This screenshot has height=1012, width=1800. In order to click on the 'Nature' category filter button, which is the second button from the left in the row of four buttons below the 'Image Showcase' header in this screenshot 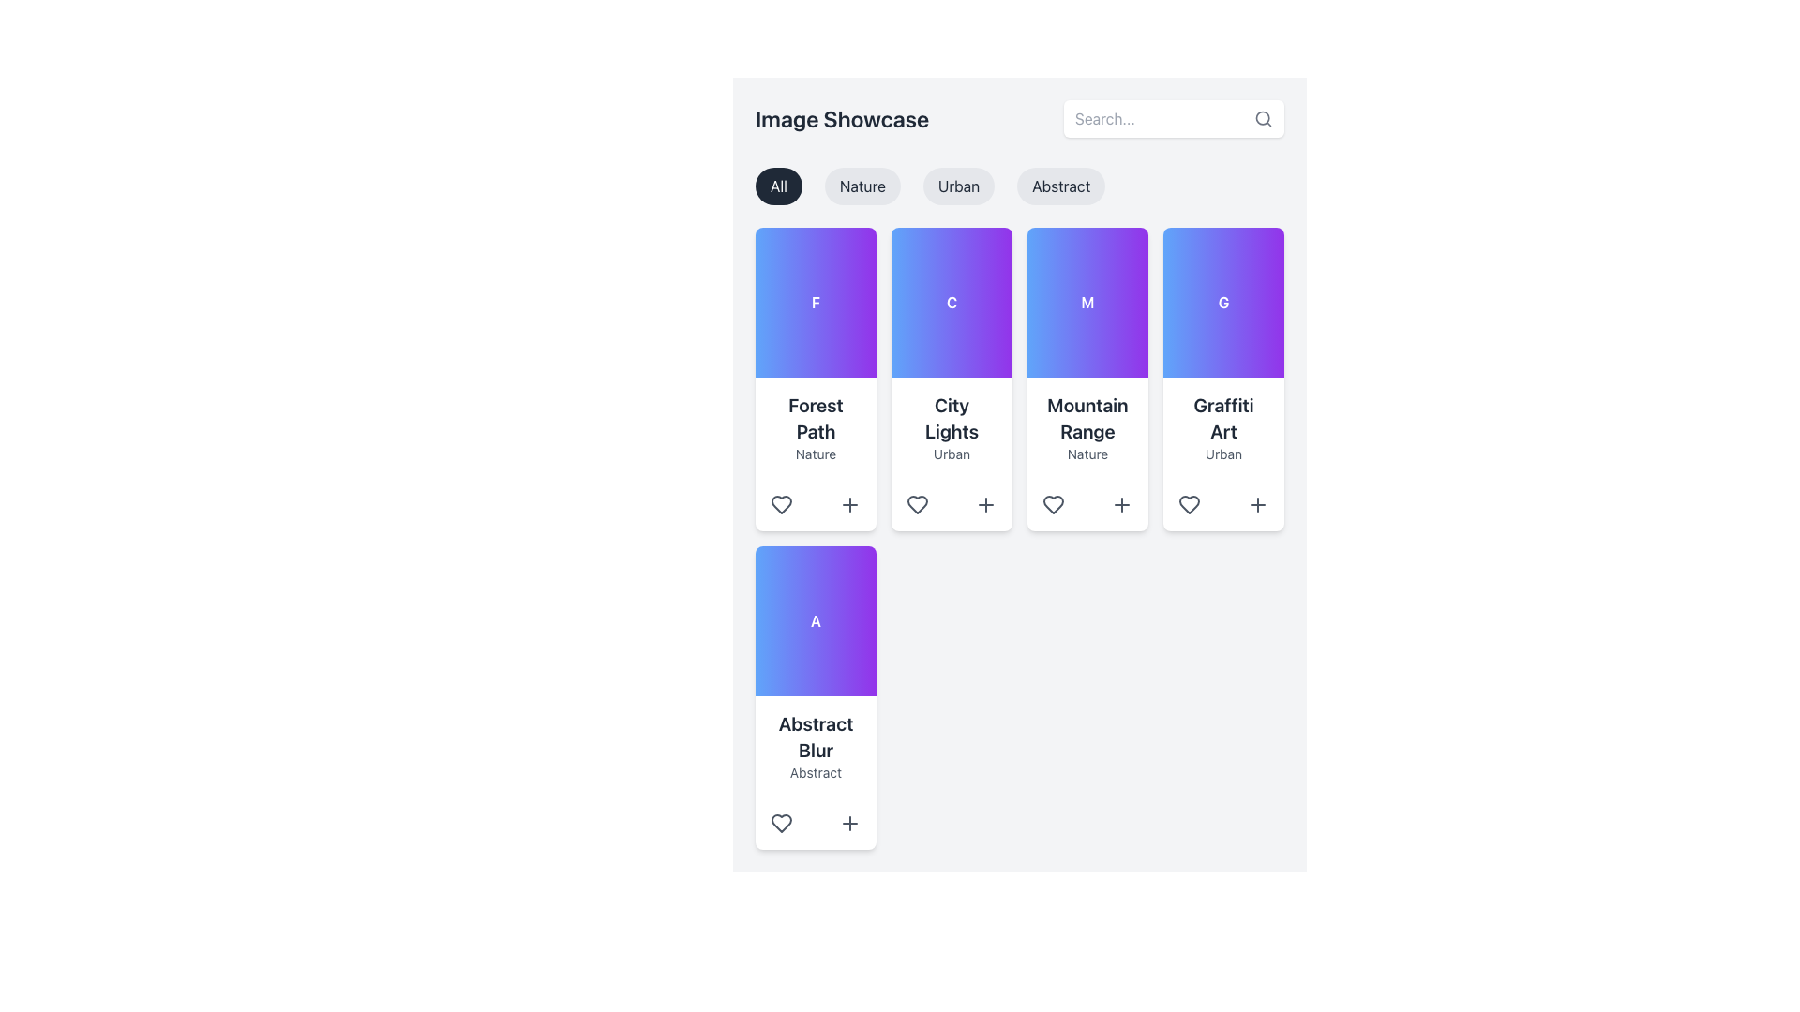, I will do `click(862, 186)`.